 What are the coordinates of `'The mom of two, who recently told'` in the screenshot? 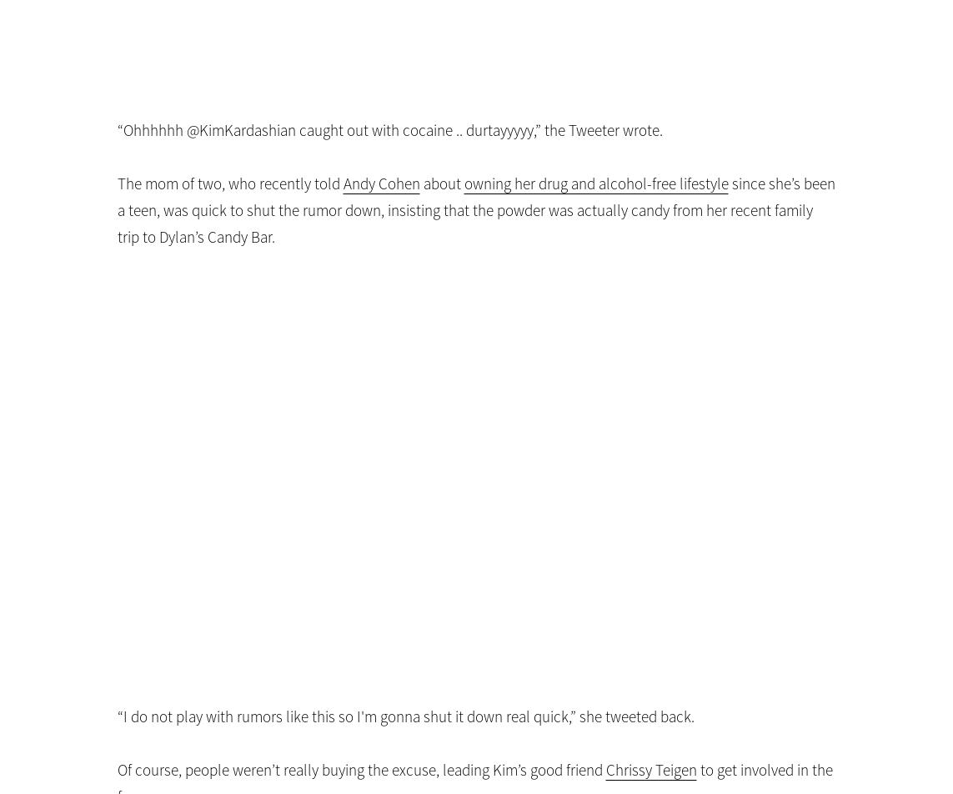 It's located at (229, 183).